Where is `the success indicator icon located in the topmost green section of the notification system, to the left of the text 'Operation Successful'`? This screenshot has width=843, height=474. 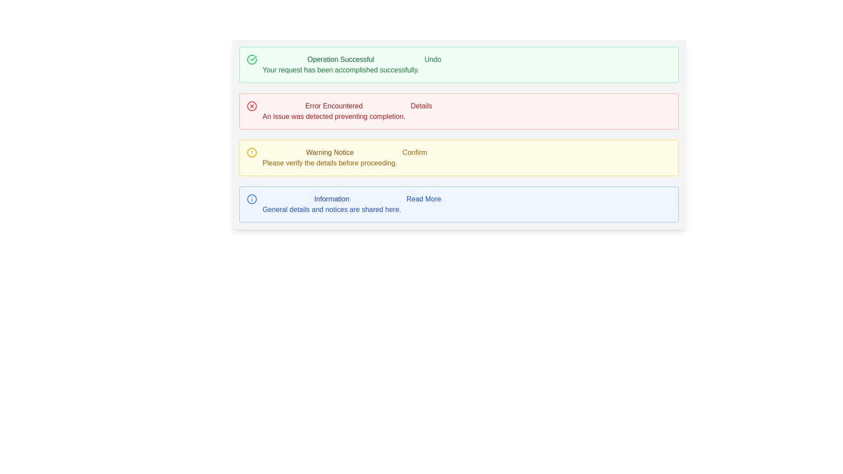
the success indicator icon located in the topmost green section of the notification system, to the left of the text 'Operation Successful' is located at coordinates (253, 58).